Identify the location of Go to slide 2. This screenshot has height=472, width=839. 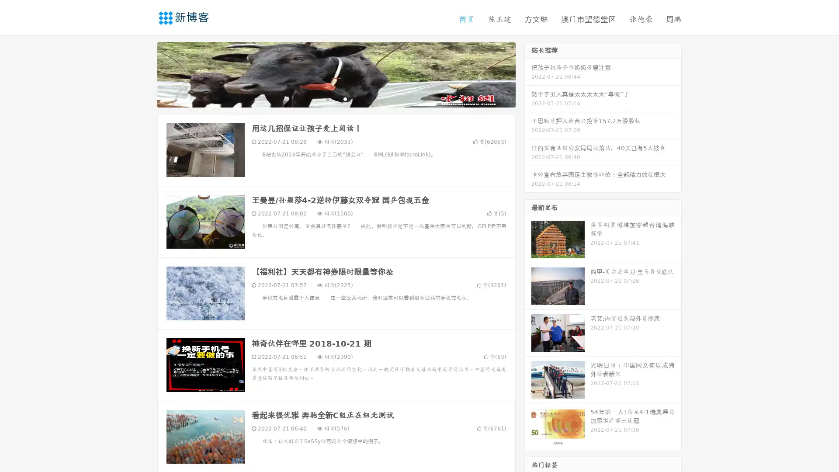
(336, 98).